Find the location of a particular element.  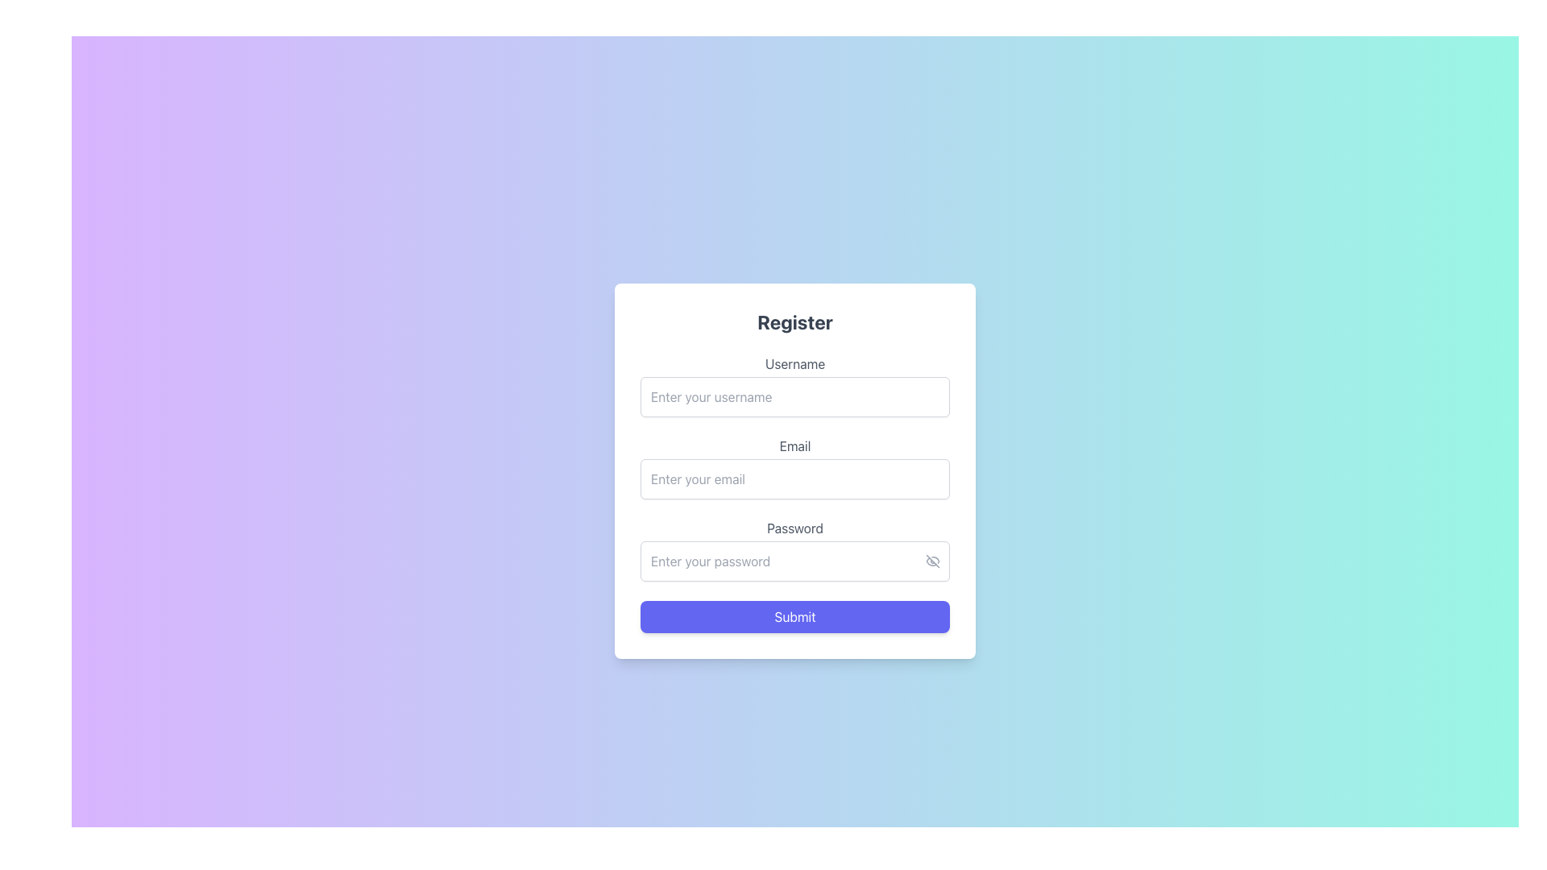

the visibility toggle icon for the password field located at the far right inside the password input field is located at coordinates (932, 561).